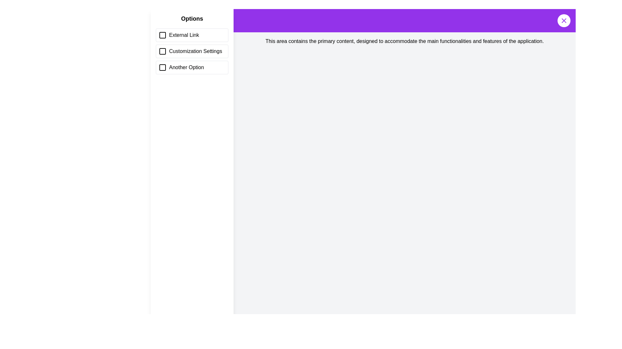 Image resolution: width=622 pixels, height=349 pixels. Describe the element at coordinates (192, 67) in the screenshot. I see `the 'Another Option' button with a checkbox icon located under 'Customization Settings' in the options list` at that location.